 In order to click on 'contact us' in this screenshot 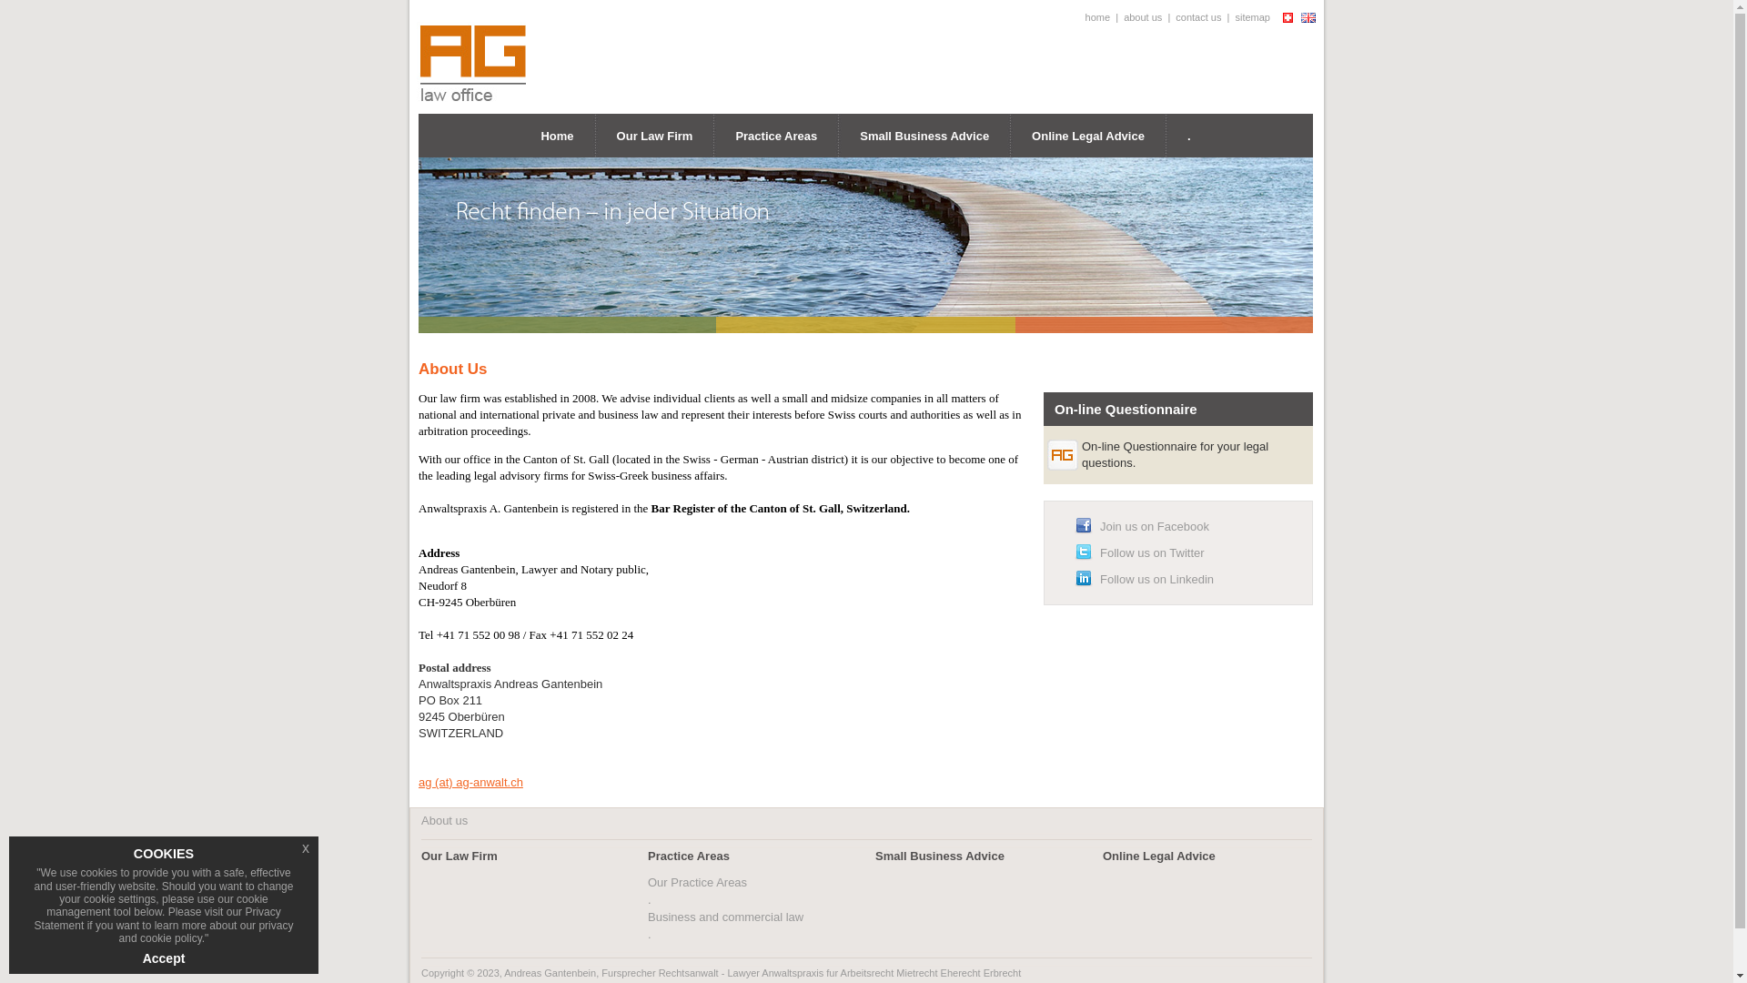, I will do `click(1197, 17)`.